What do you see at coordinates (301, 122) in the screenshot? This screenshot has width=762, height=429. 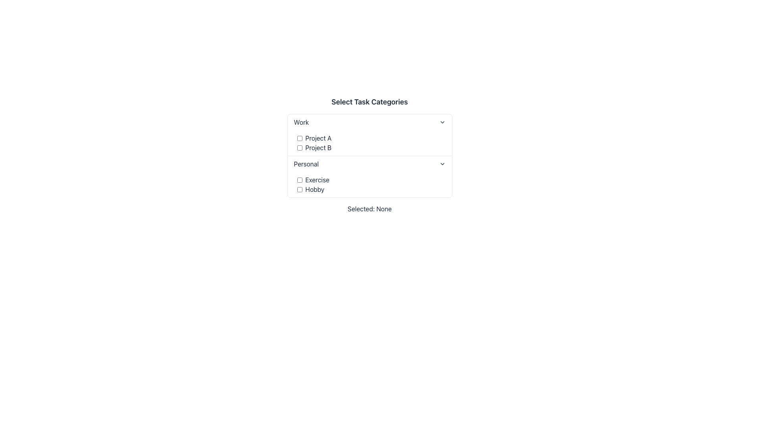 I see `the 'Work' label text in the dropdown menu` at bounding box center [301, 122].